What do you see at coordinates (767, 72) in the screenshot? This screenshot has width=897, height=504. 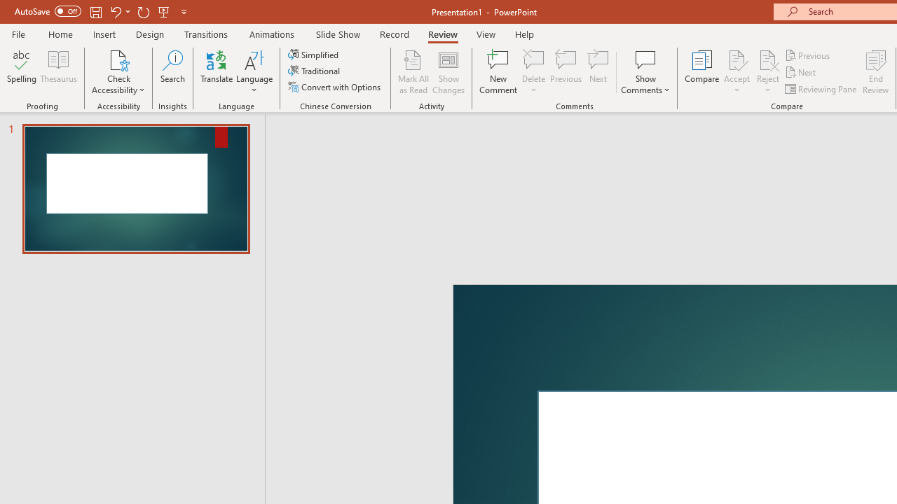 I see `'Reject'` at bounding box center [767, 72].